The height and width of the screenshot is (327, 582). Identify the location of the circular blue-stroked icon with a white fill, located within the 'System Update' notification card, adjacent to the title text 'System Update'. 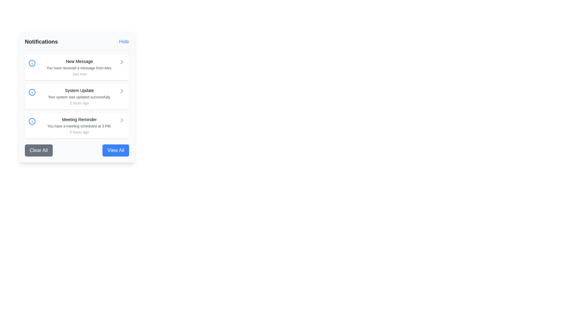
(32, 92).